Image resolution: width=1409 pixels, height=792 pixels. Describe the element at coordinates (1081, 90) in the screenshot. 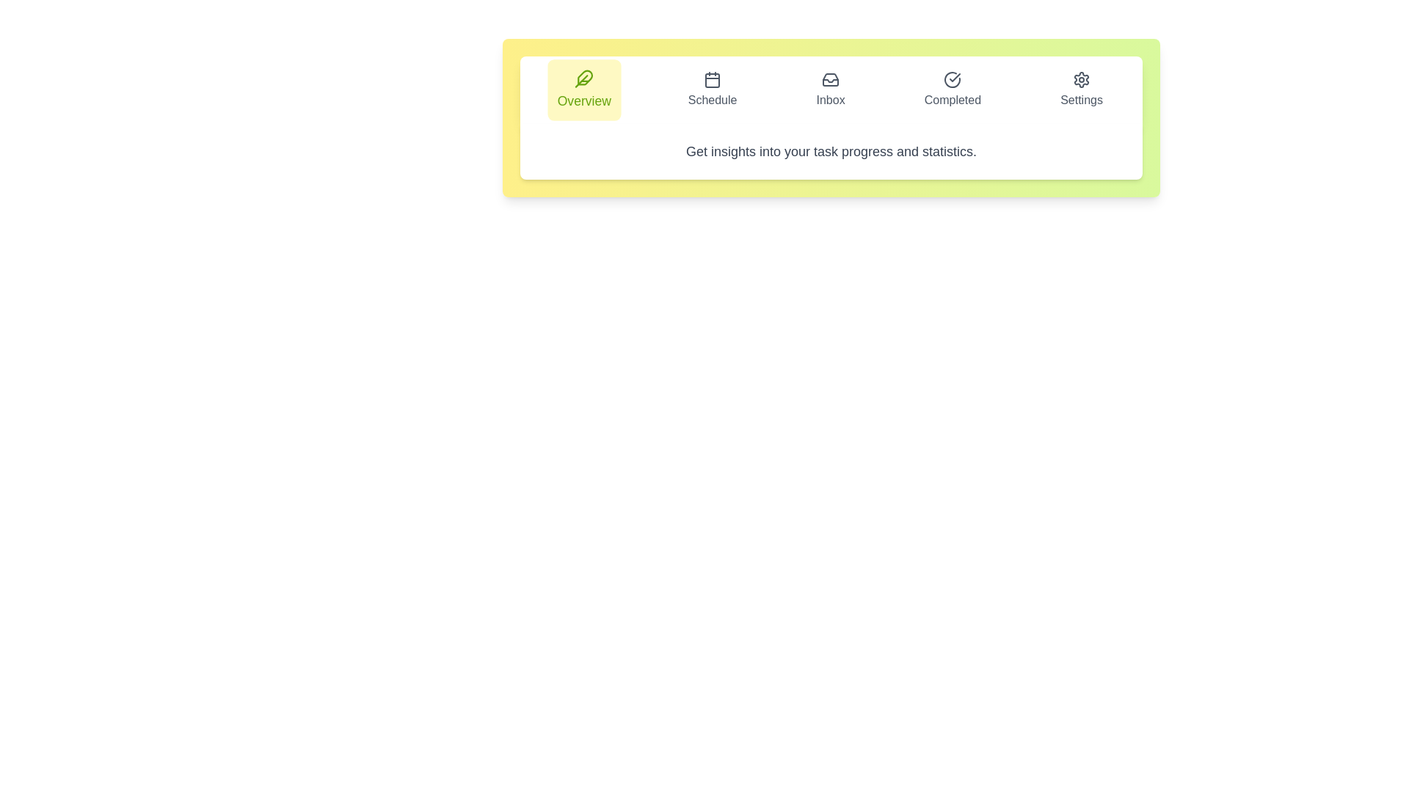

I see `the Settings tab to inspect its layout and design` at that location.